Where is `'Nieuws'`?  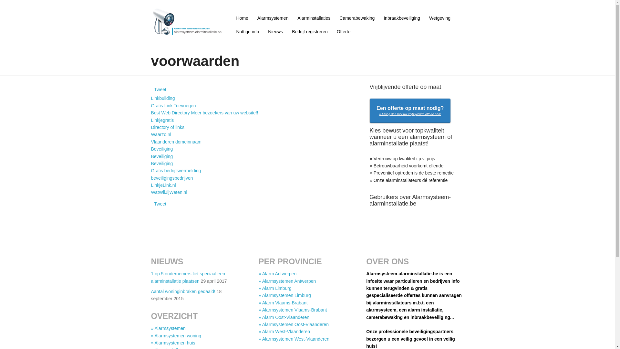
'Nieuws' is located at coordinates (263, 31).